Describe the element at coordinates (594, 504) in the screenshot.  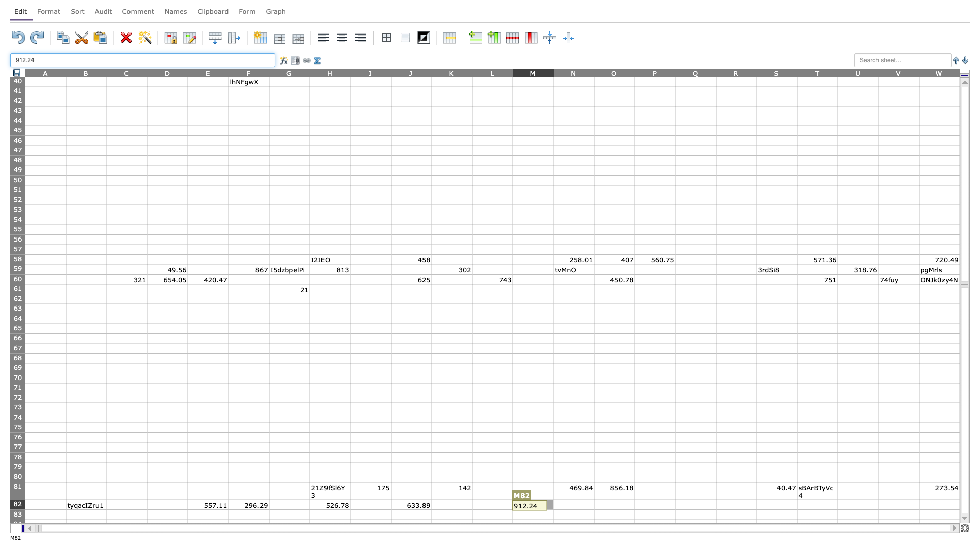
I see `Right side of cell N82` at that location.